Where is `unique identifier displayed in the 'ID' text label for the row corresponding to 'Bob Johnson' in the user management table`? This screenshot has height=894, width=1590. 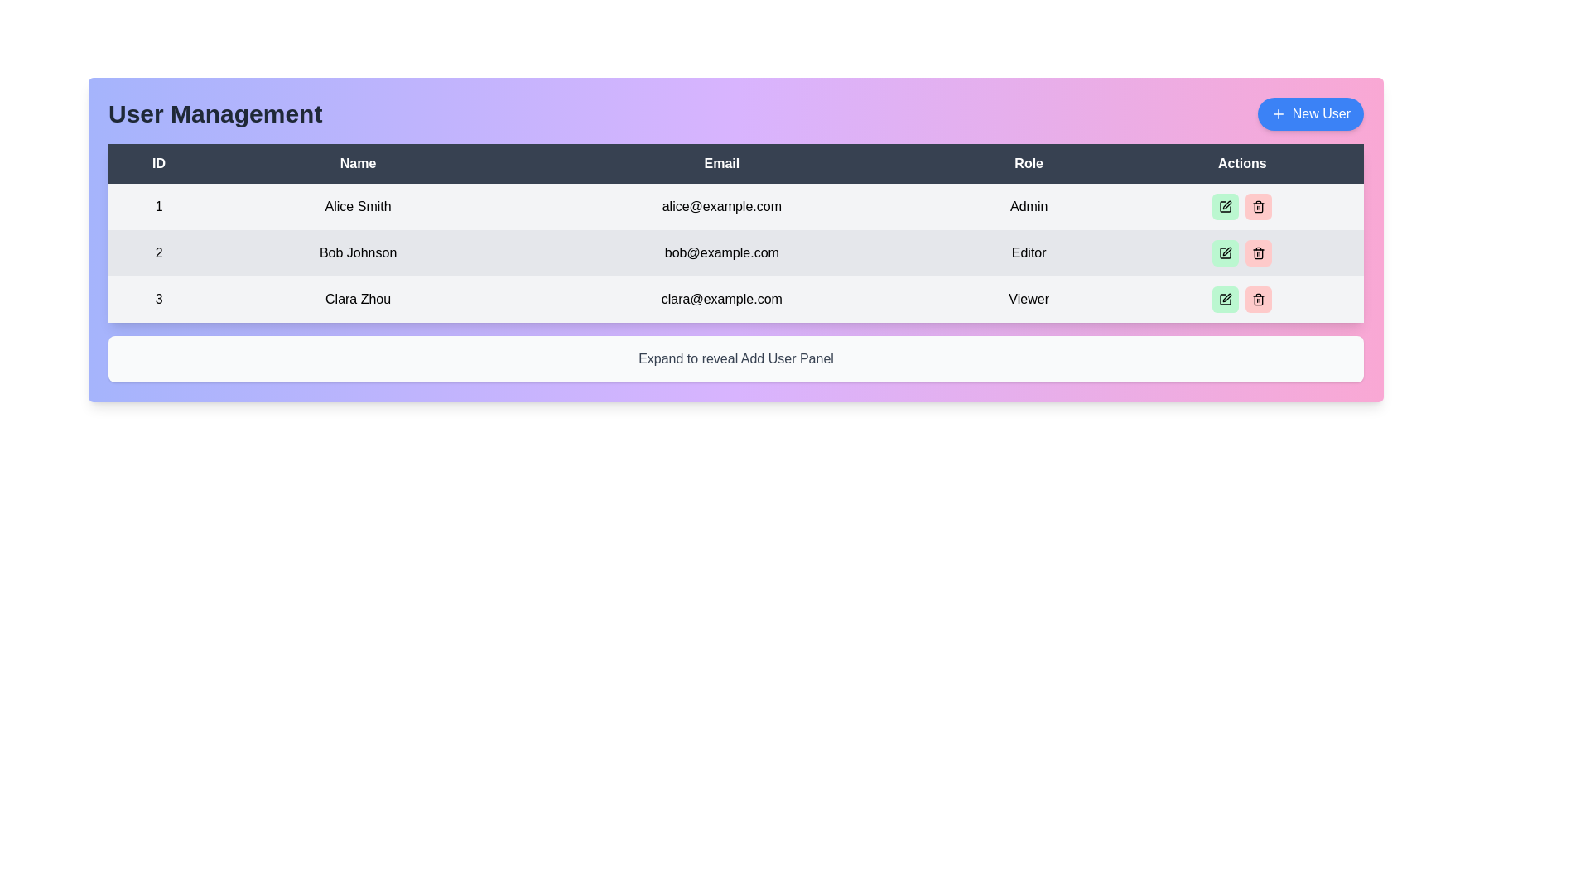 unique identifier displayed in the 'ID' text label for the row corresponding to 'Bob Johnson' in the user management table is located at coordinates (159, 252).